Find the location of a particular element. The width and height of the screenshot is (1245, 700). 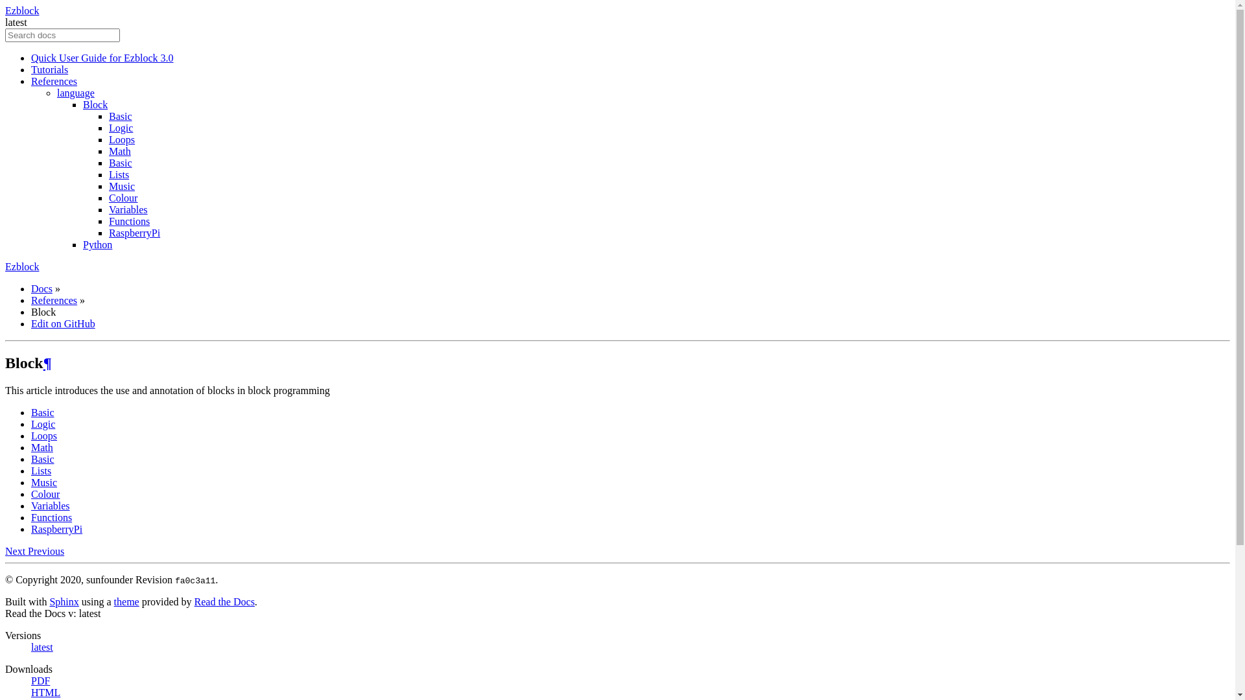

'Tutorials' is located at coordinates (49, 69).